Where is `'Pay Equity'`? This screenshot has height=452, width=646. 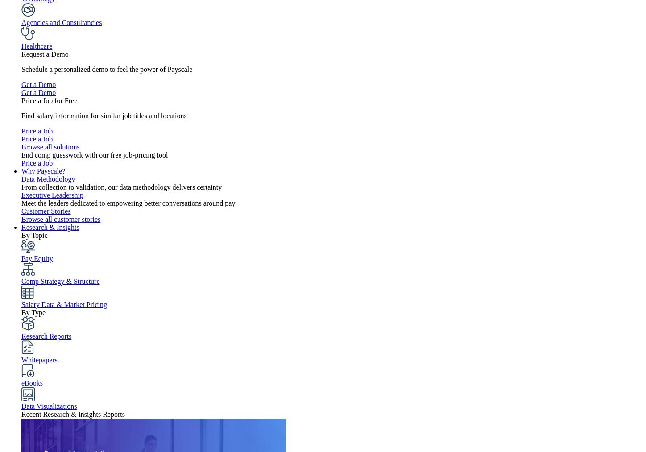
'Pay Equity' is located at coordinates (37, 258).